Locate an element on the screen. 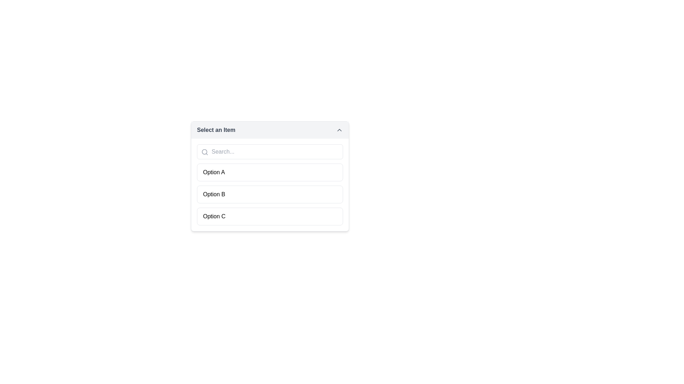 Image resolution: width=684 pixels, height=384 pixels. the text label representing the second option in a vertically arranged selection list, located between 'Option A' and 'Option C' is located at coordinates (213, 194).